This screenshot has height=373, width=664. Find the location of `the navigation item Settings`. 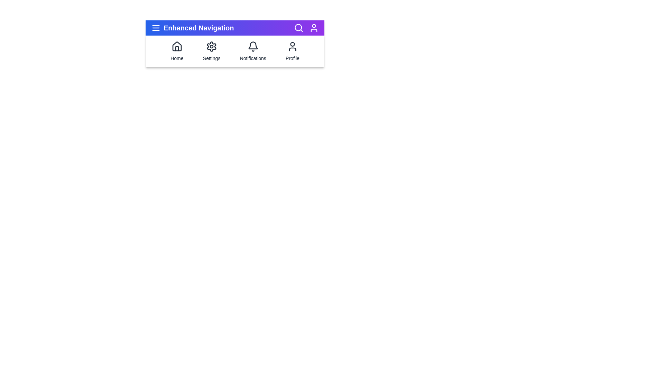

the navigation item Settings is located at coordinates (211, 51).